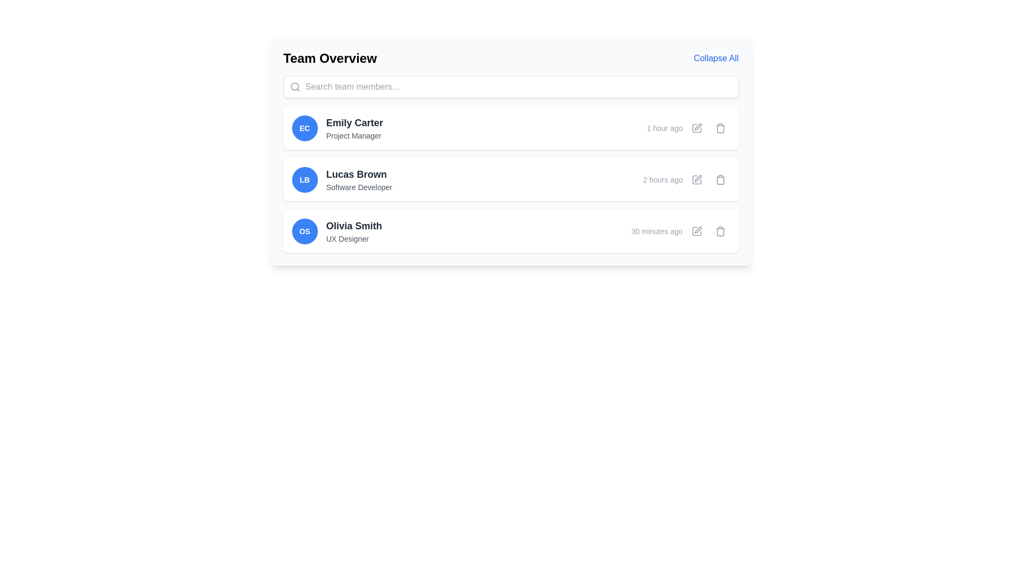 The width and height of the screenshot is (1031, 580). Describe the element at coordinates (359, 186) in the screenshot. I see `the 'Software Developer' text label located below the name 'Lucas Brown' in the team member card` at that location.